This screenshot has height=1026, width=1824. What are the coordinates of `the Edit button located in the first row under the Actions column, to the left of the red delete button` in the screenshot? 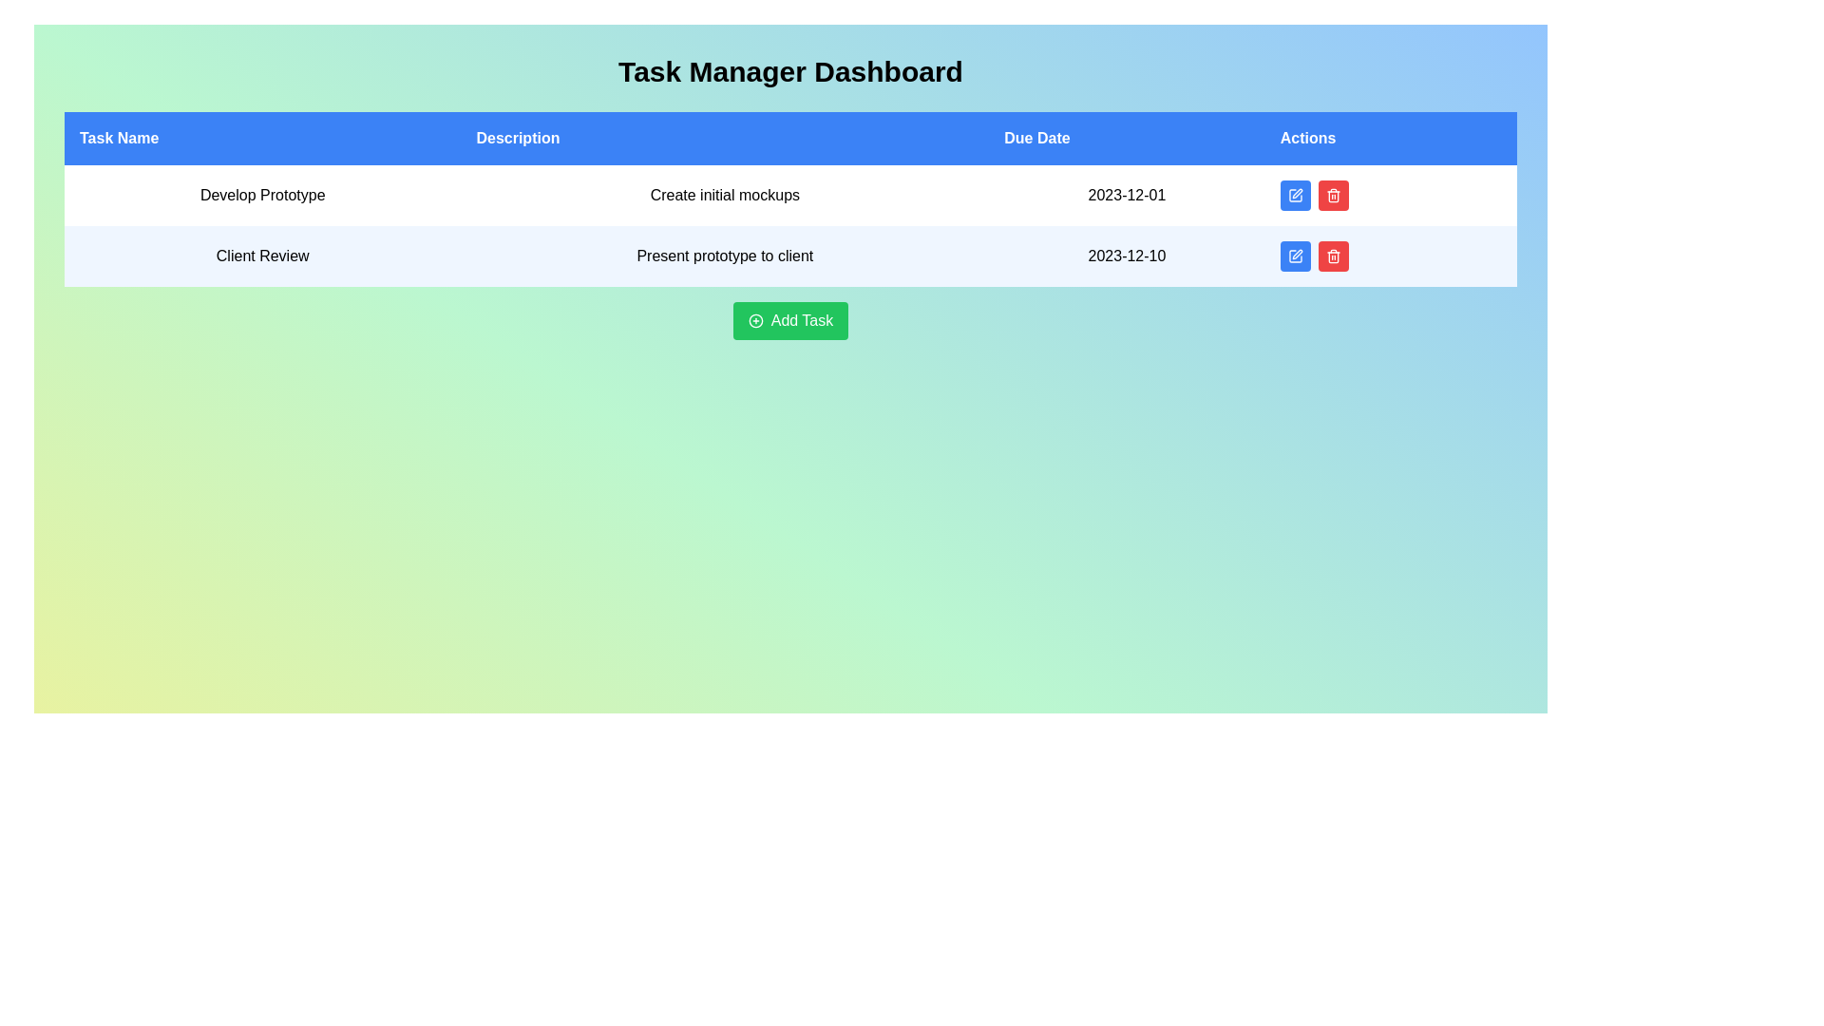 It's located at (1294, 195).